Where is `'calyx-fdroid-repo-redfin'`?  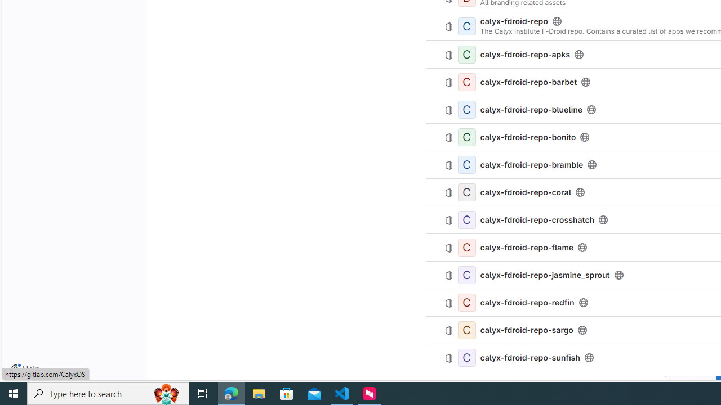 'calyx-fdroid-repo-redfin' is located at coordinates (527, 301).